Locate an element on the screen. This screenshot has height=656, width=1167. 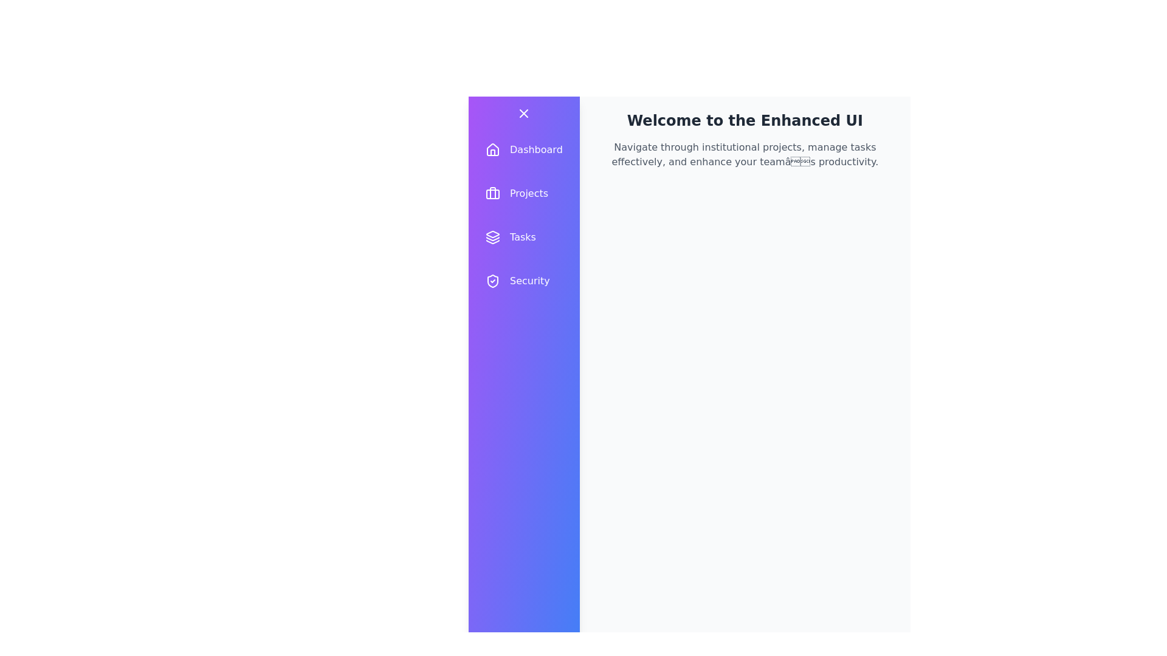
the 'Projects' item in the Sidebar Navigation Menu, which is a vertical list of navigation options styled with icons and labels, located on the left-hand side of the interface is located at coordinates (524, 214).